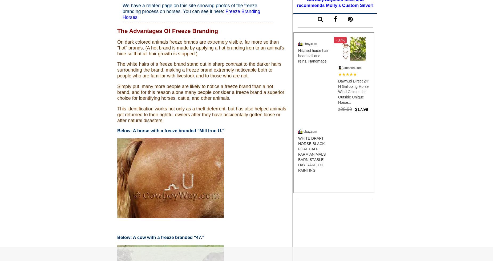 The height and width of the screenshot is (261, 493). What do you see at coordinates (138, 16) in the screenshot?
I see `'.'` at bounding box center [138, 16].